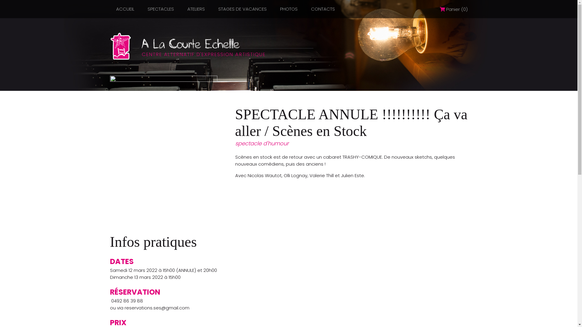  I want to click on 'ATELIERS', so click(196, 9).